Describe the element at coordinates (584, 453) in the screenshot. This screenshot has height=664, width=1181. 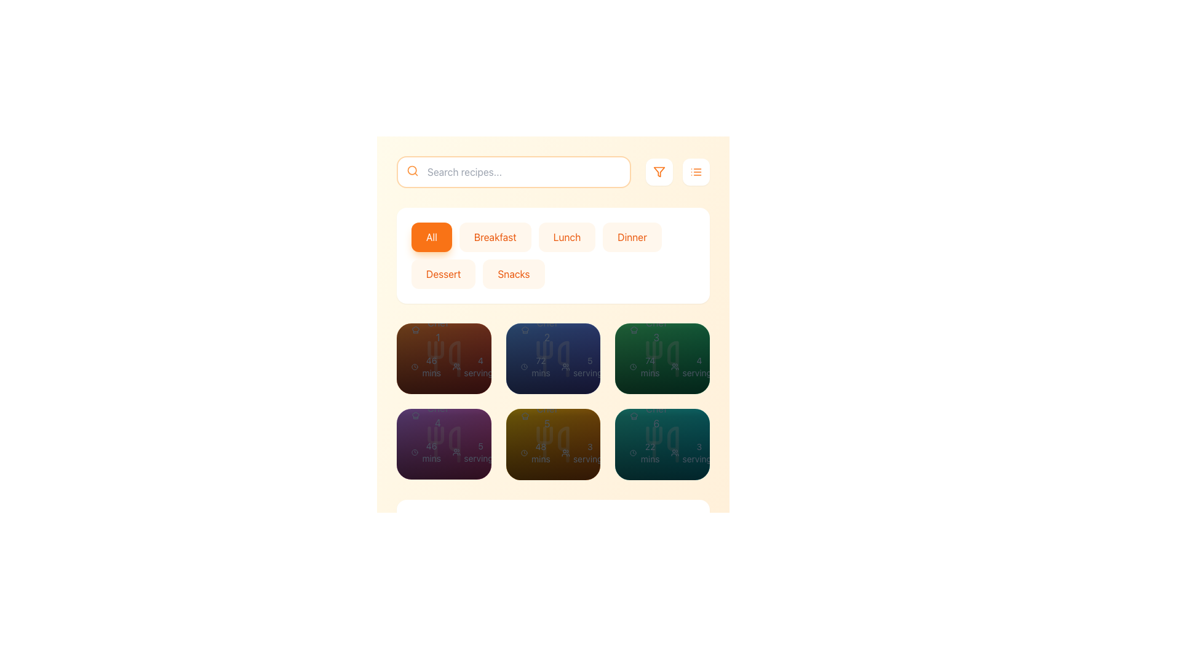
I see `the text element displaying '3 servings', which is styled in a small font and positioned near a group icon, to interact with it` at that location.